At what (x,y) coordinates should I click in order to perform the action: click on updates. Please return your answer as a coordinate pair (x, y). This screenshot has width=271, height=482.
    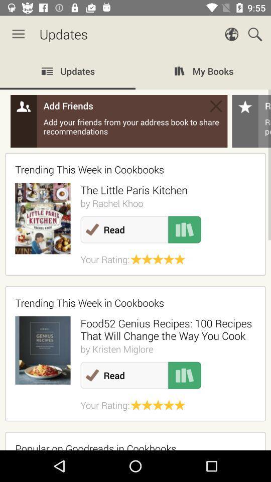
    Looking at the image, I should click on (135, 251).